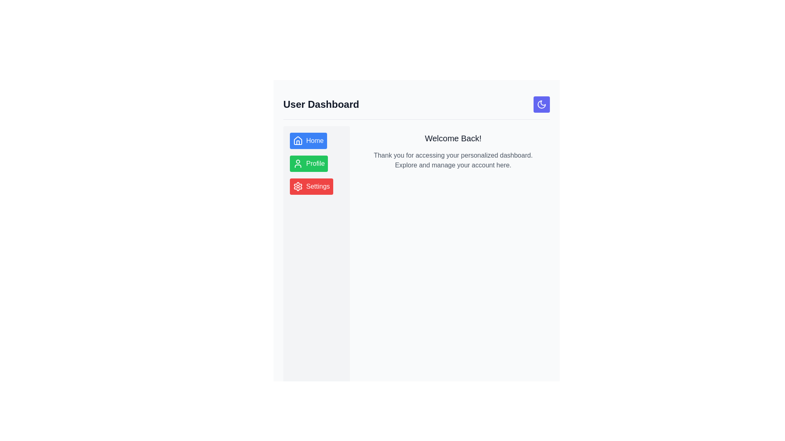 This screenshot has height=441, width=785. Describe the element at coordinates (298, 164) in the screenshot. I see `the user's profile icon located to the left of the 'Profile' text within the green rectangular button in the middle section of the vertical menu bar` at that location.